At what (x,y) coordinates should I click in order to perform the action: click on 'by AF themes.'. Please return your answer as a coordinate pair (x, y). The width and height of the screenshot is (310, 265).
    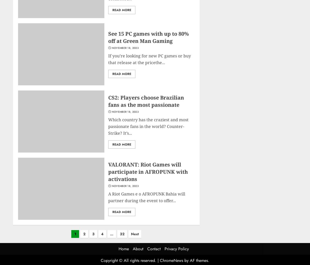
    Looking at the image, I should click on (183, 260).